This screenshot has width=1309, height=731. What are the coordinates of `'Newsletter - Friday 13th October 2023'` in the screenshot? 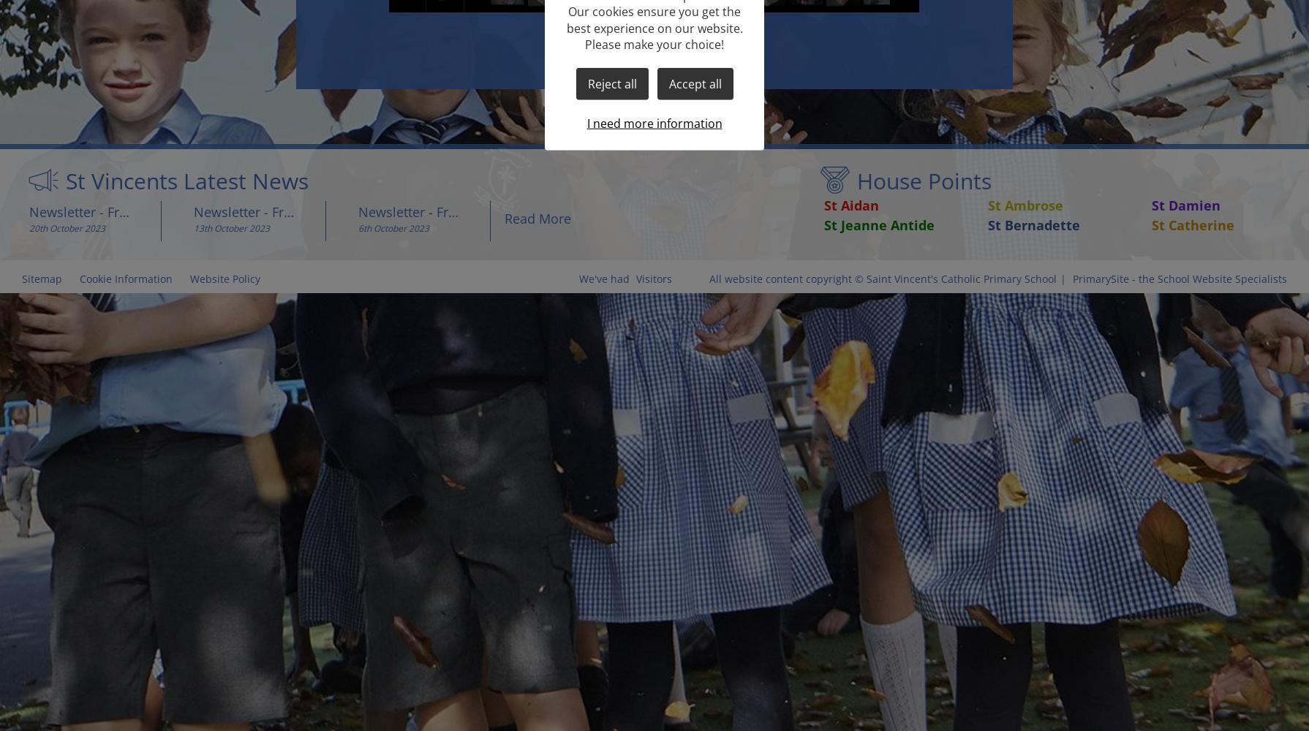 It's located at (310, 211).